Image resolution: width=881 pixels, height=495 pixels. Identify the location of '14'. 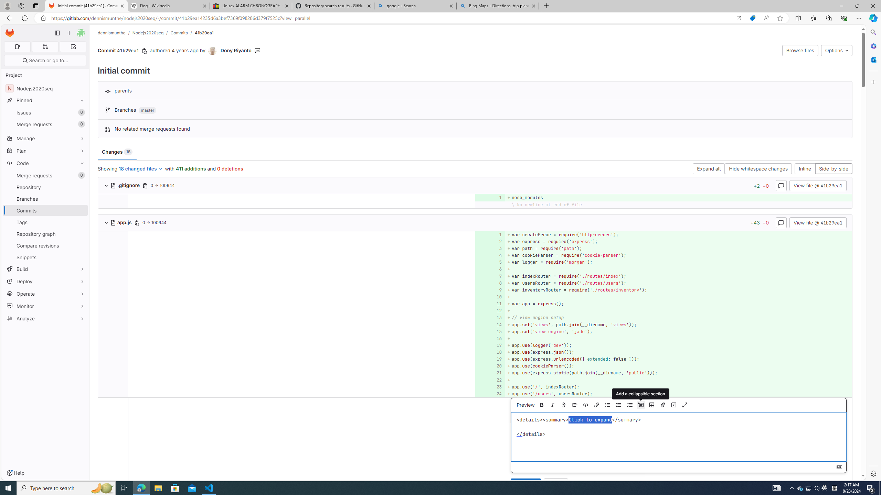
(489, 324).